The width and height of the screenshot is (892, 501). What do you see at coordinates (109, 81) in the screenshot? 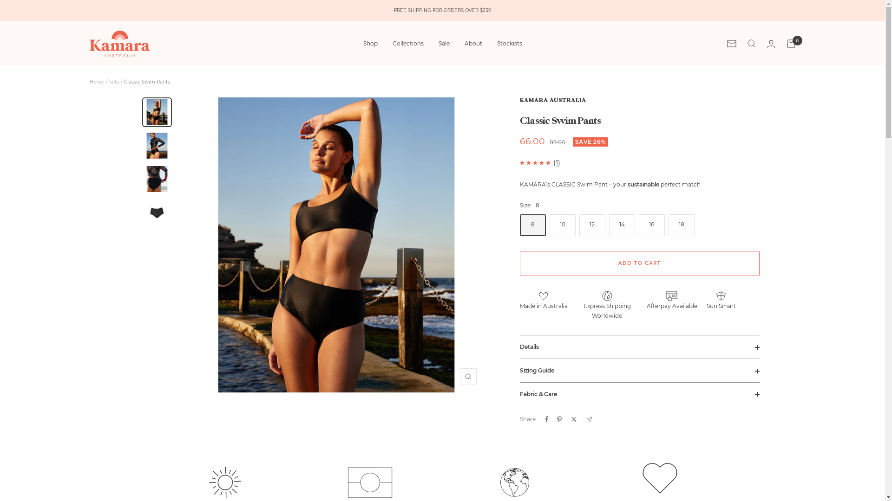
I see `'Sets'` at bounding box center [109, 81].